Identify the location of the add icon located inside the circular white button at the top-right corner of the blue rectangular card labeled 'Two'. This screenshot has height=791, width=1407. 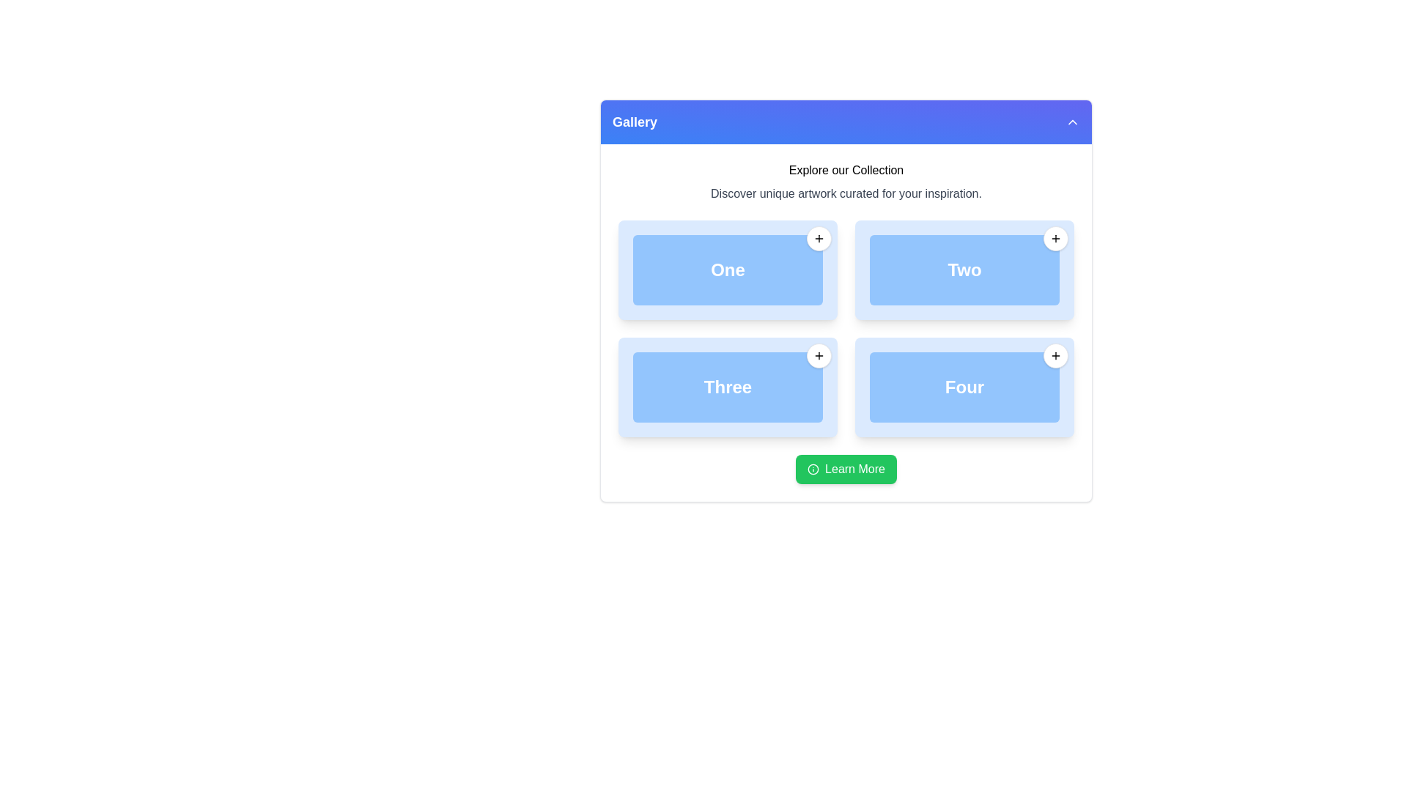
(1055, 238).